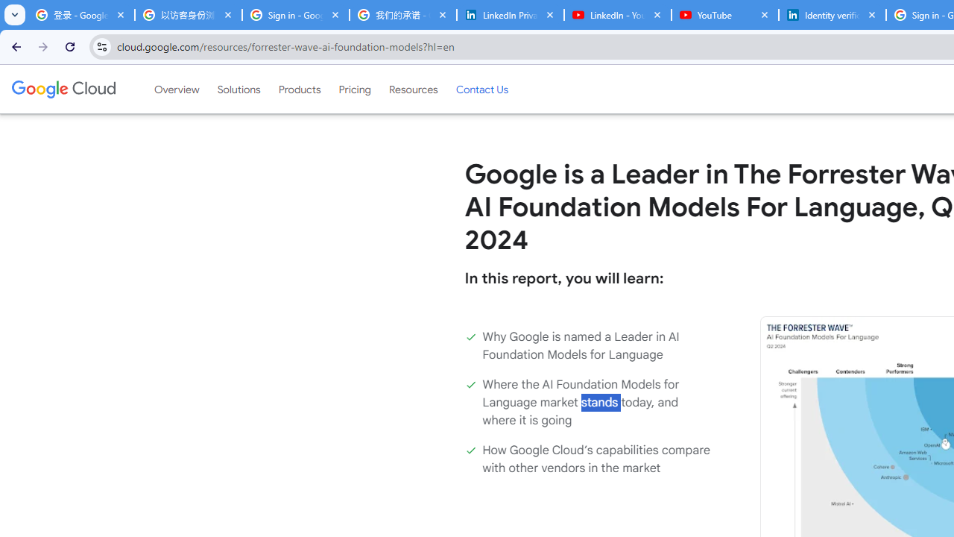 This screenshot has height=537, width=954. What do you see at coordinates (238, 89) in the screenshot?
I see `'Solutions'` at bounding box center [238, 89].